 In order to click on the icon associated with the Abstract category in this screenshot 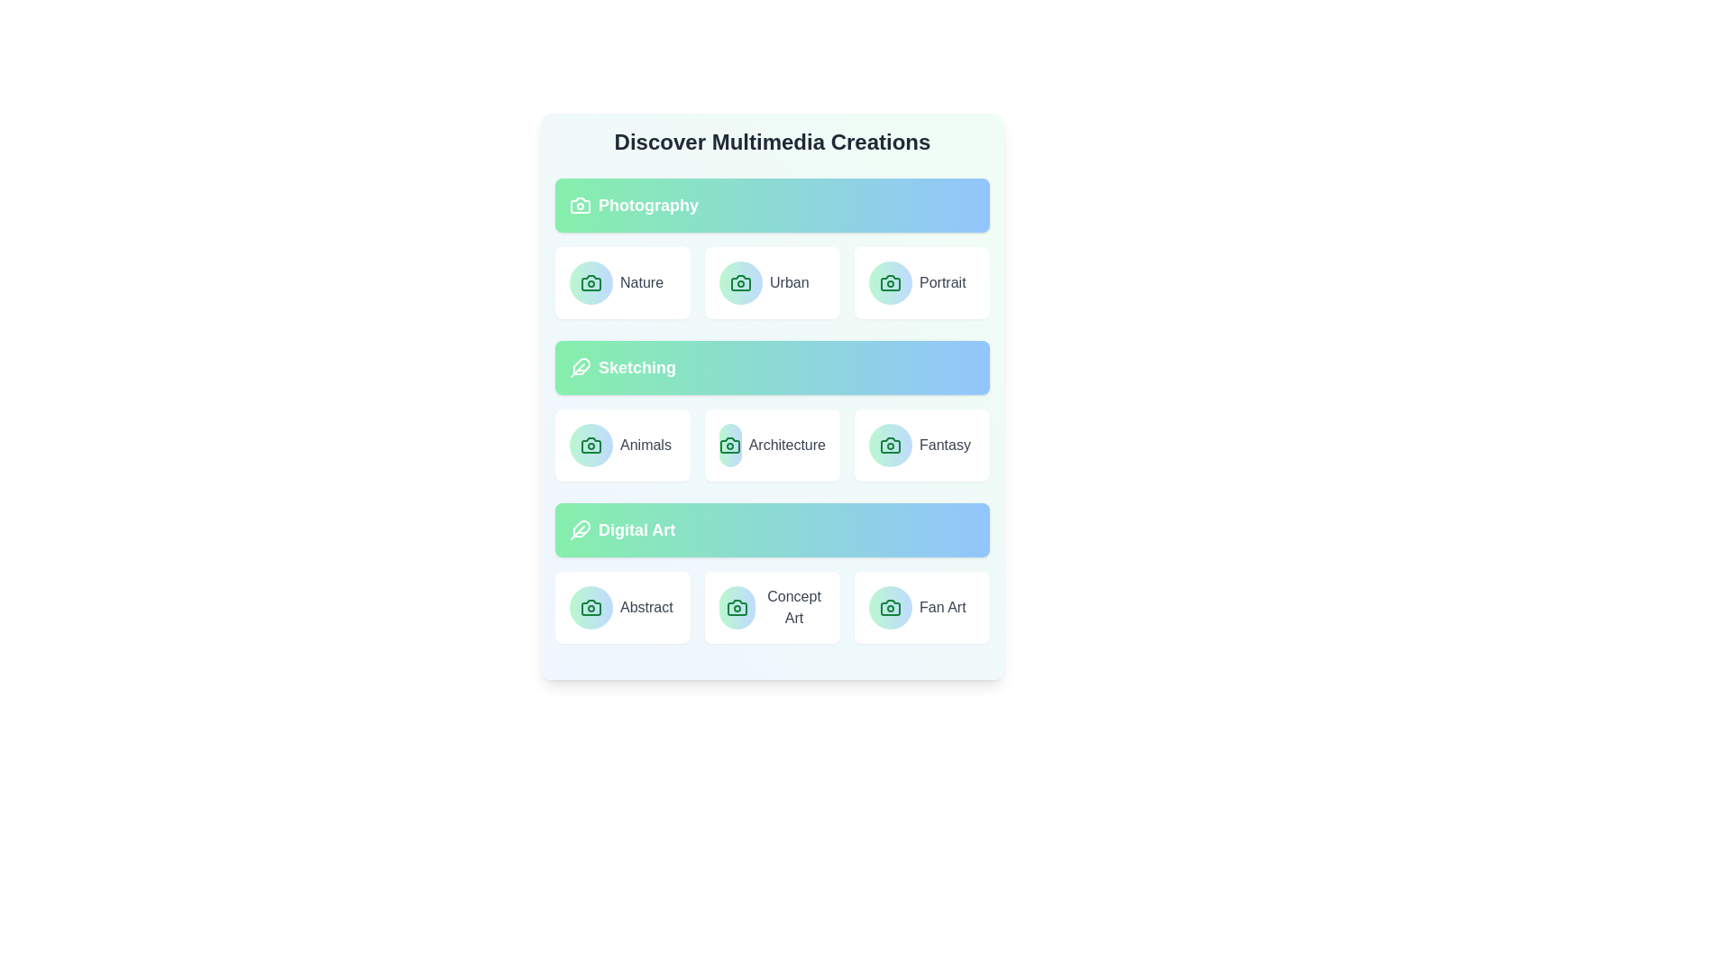, I will do `click(591, 608)`.